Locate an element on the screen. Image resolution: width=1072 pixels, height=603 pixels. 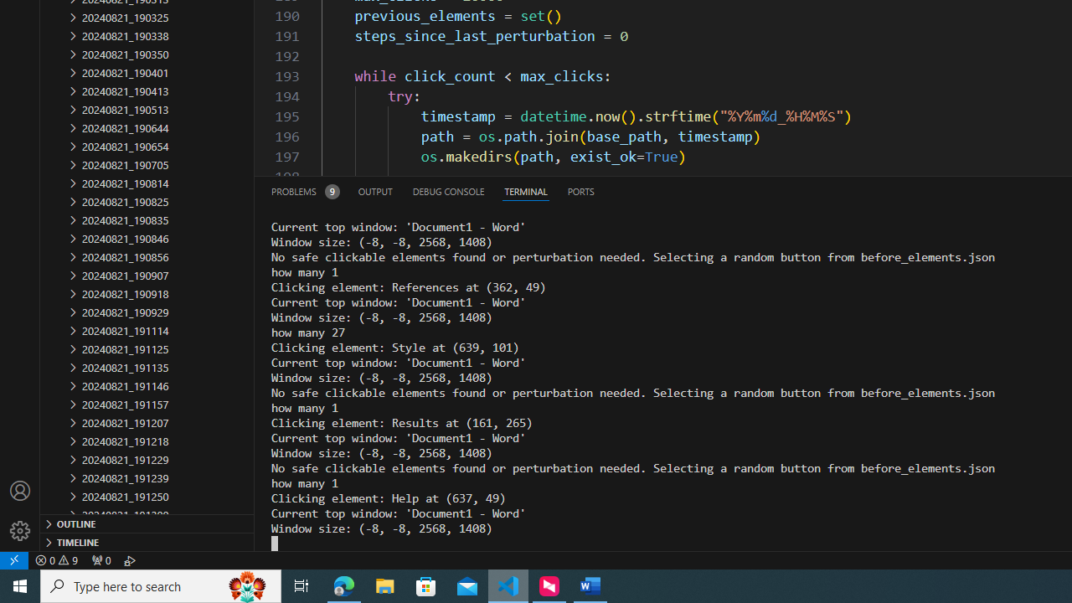
'Debug Console (Ctrl+Shift+Y)' is located at coordinates (448, 190).